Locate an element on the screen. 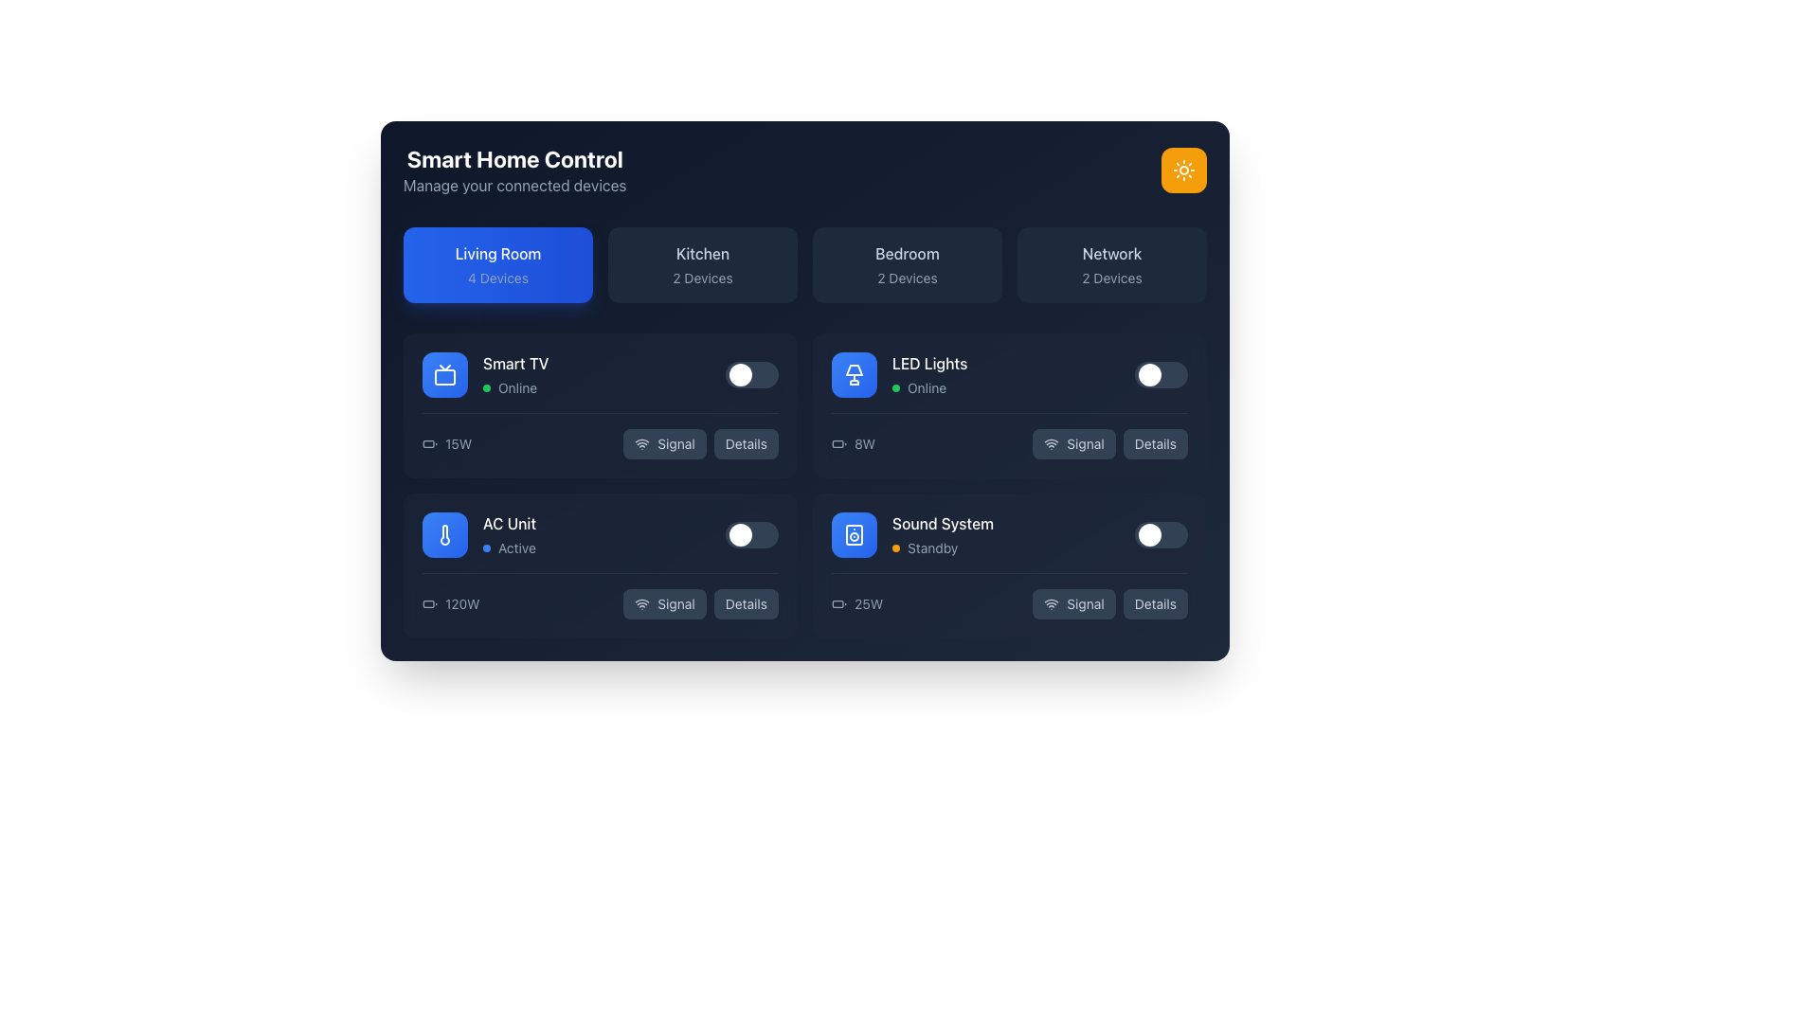  the 'Signal' button is located at coordinates (1073, 603).